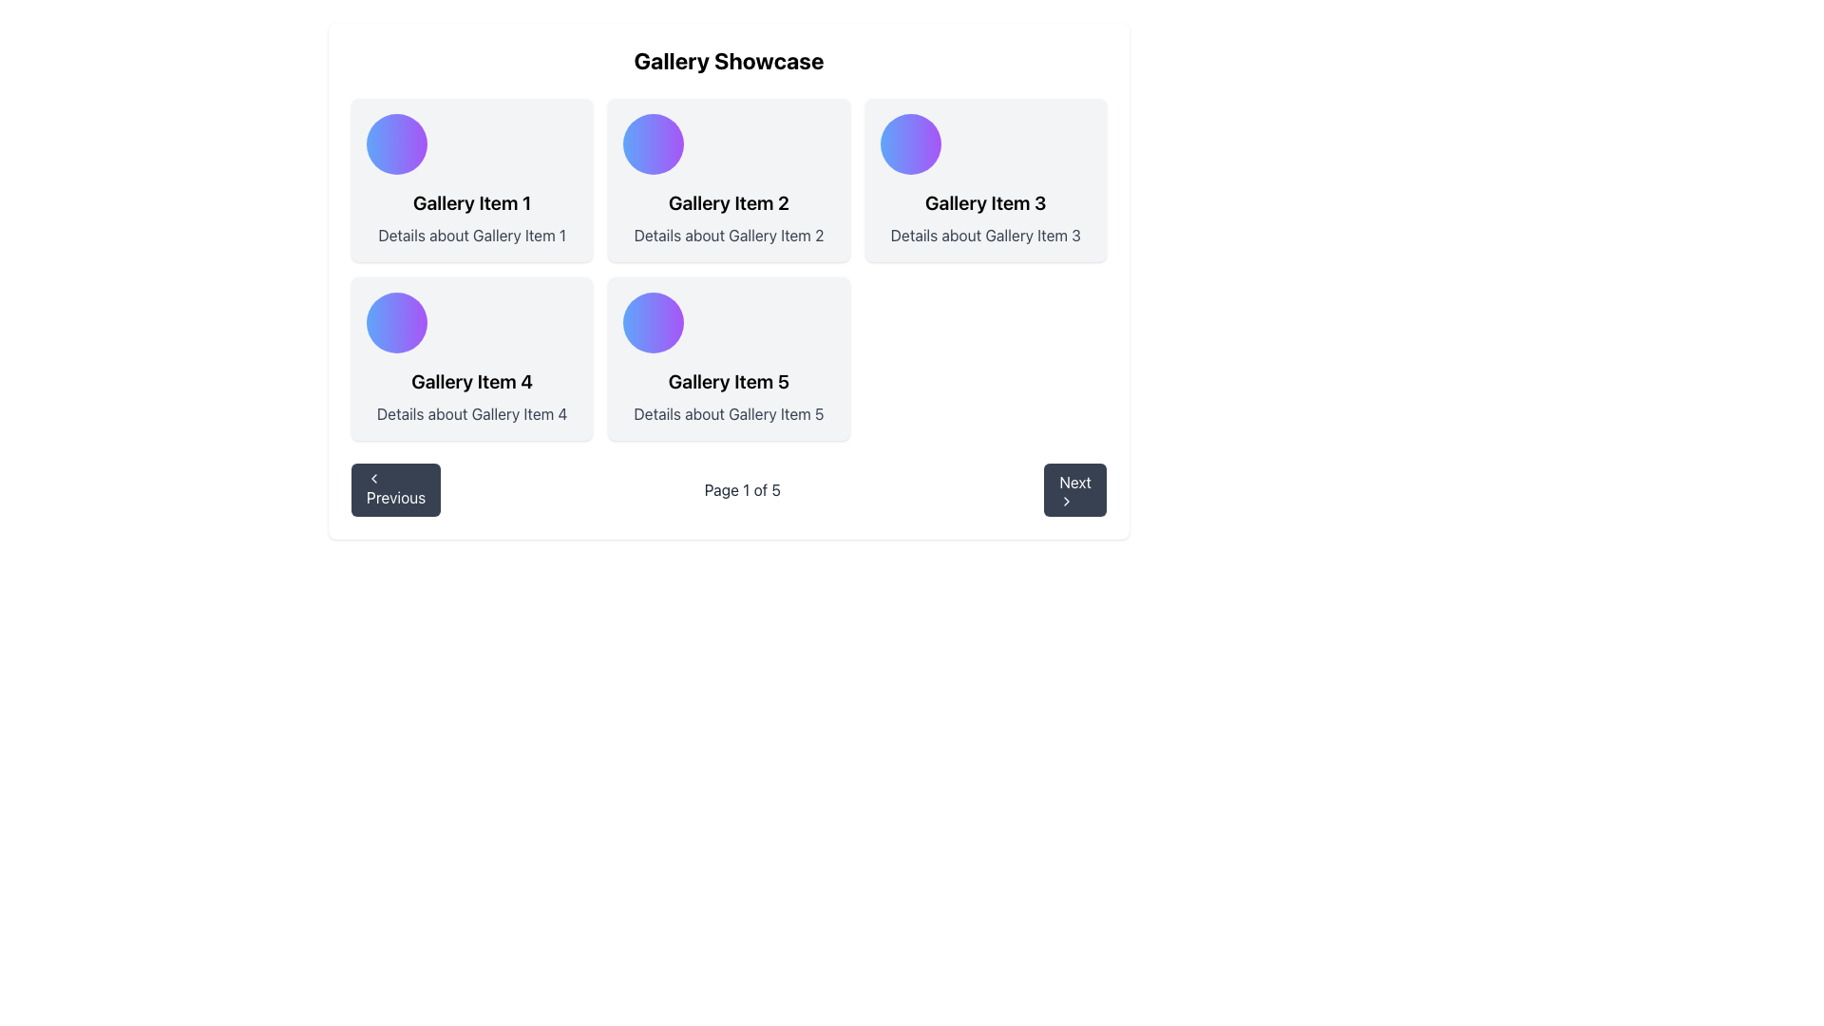  What do you see at coordinates (472, 234) in the screenshot?
I see `the gray text block containing the phrase 'Details about Gallery Item 1', which is located directly below the 'Gallery Item 1' title in the top-left card of the gallery grid layout` at bounding box center [472, 234].